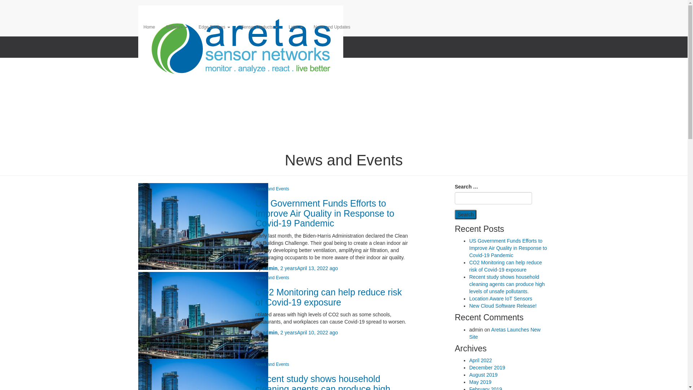 This screenshot has height=390, width=693. What do you see at coordinates (469, 306) in the screenshot?
I see `'New Cloud Software Release!'` at bounding box center [469, 306].